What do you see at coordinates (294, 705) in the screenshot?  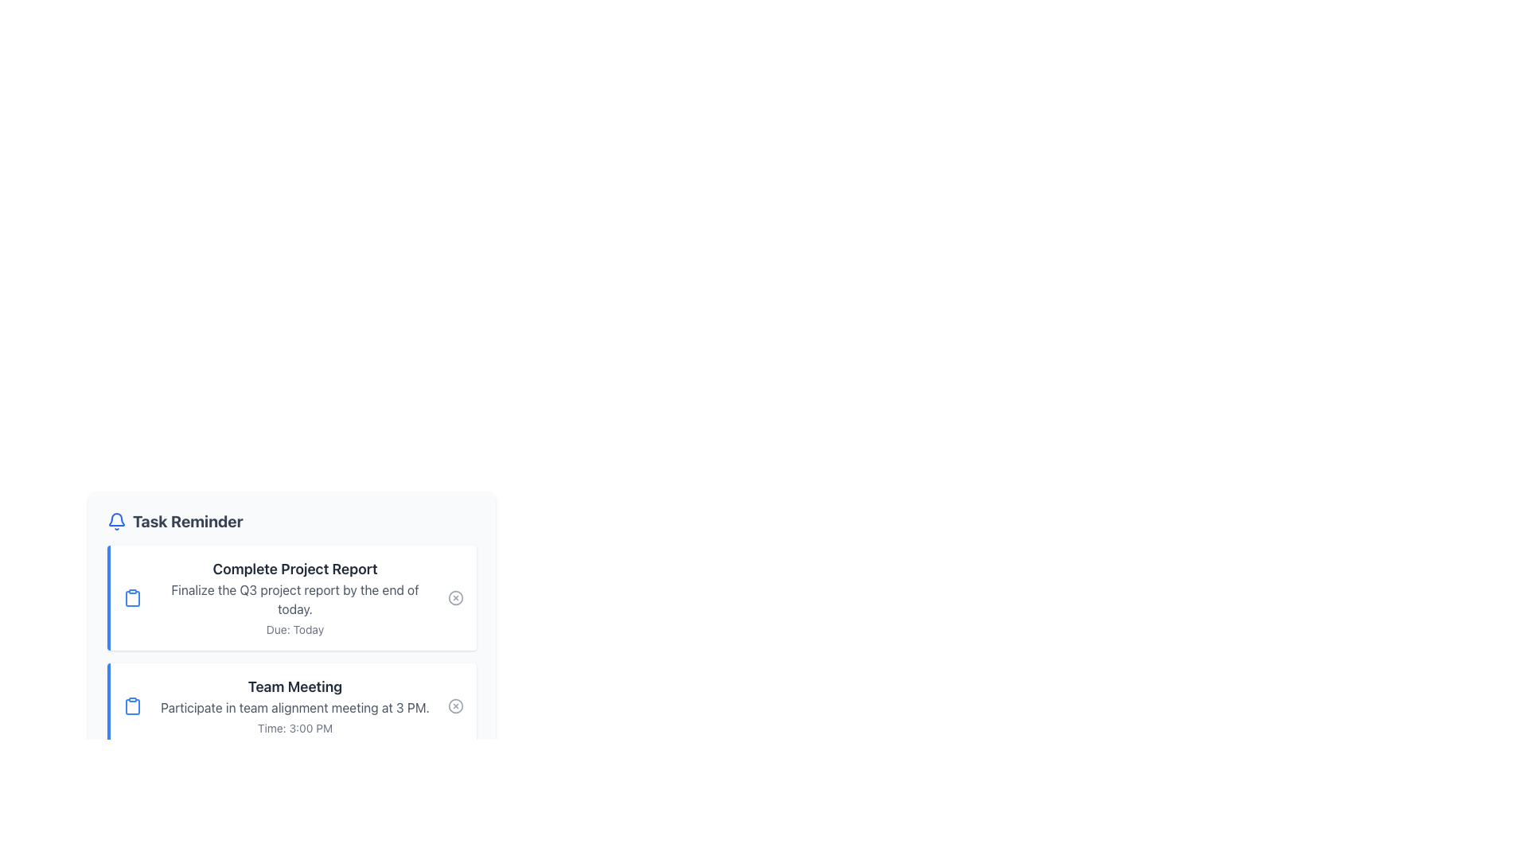 I see `the second task item in the 'Task Reminder' section, which is displayed below the 'Complete Project Report' task` at bounding box center [294, 705].